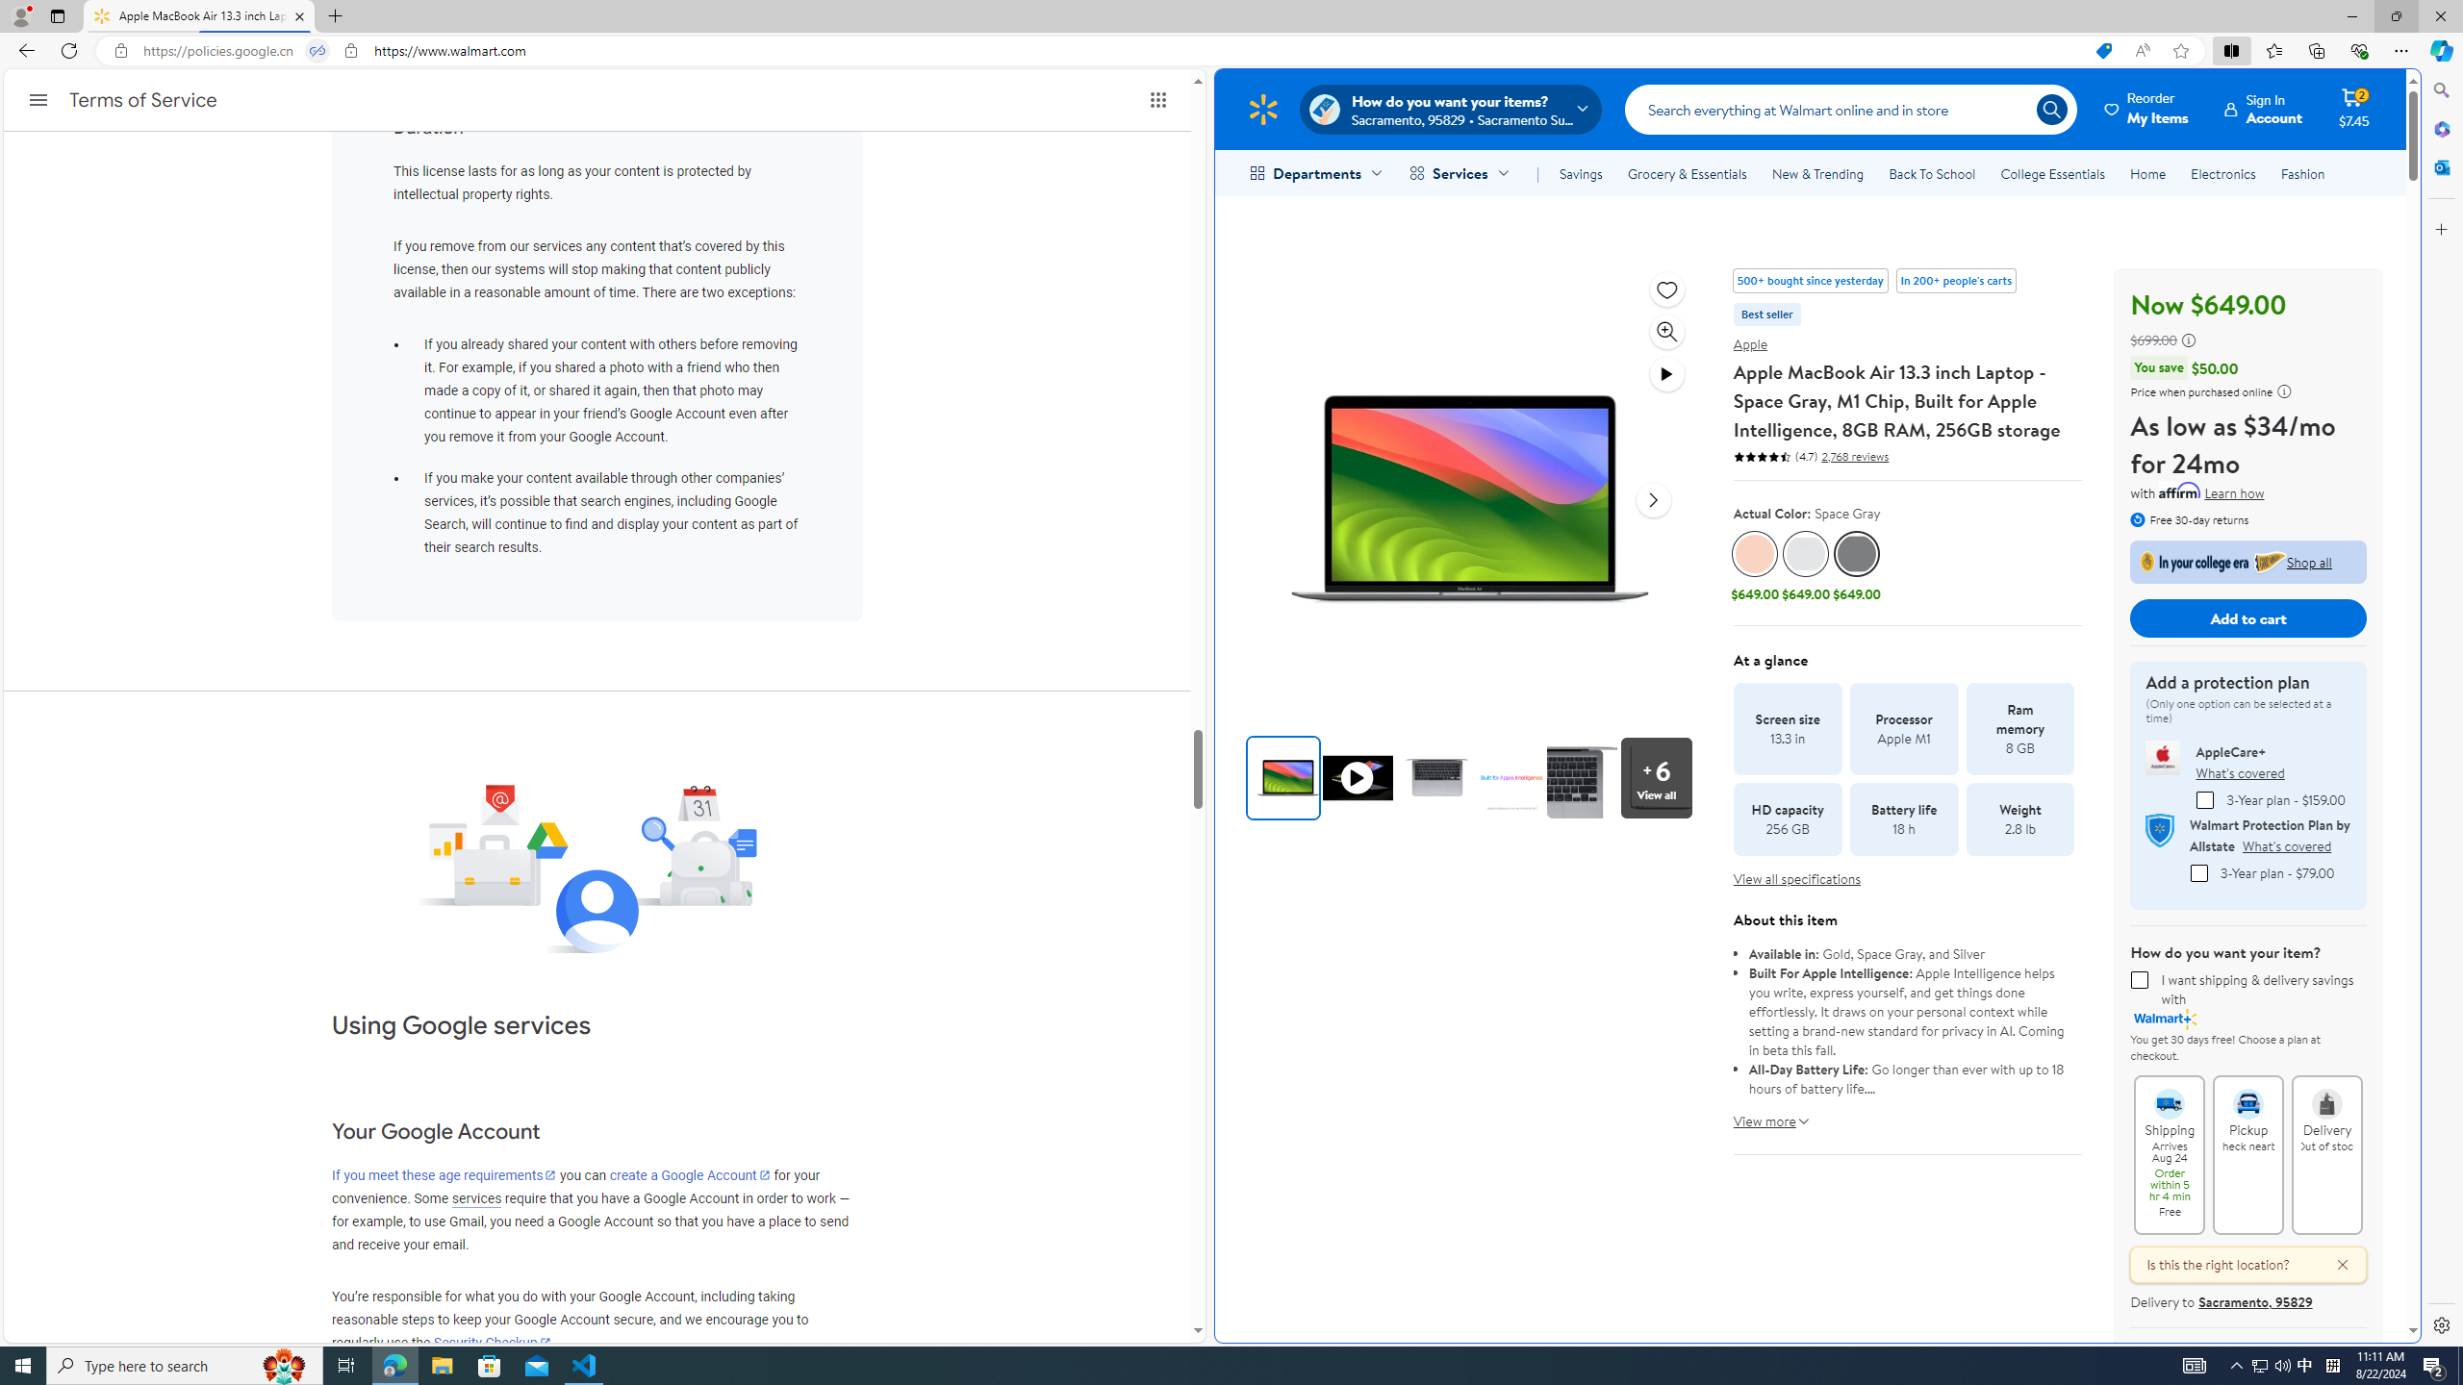 This screenshot has height=1385, width=2463. What do you see at coordinates (2180, 490) in the screenshot?
I see `'Affirm'` at bounding box center [2180, 490].